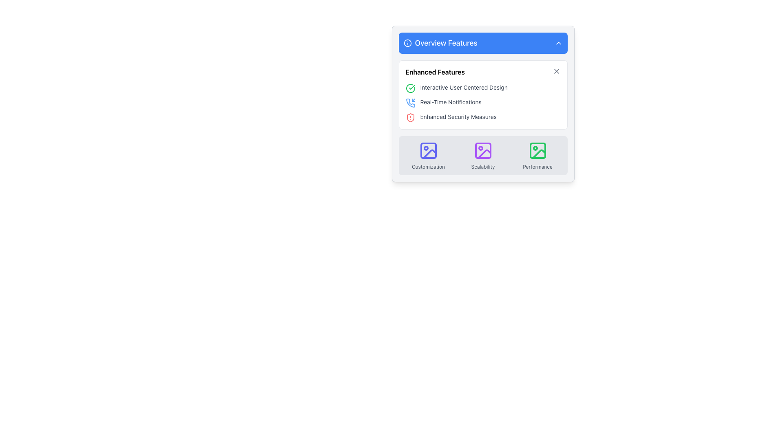  Describe the element at coordinates (537, 155) in the screenshot. I see `the 'Performance' icon with text label, which is the third item in a horizontal row under the 'Enhanced Features' panel` at that location.